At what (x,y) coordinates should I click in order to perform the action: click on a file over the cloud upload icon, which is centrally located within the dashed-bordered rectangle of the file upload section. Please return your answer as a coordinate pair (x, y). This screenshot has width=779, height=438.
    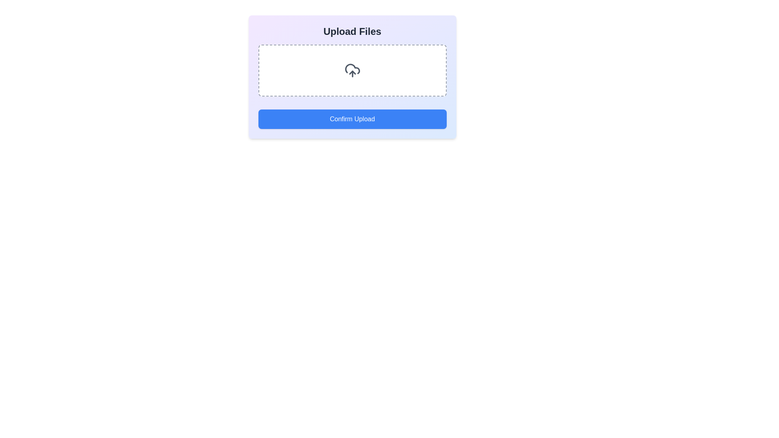
    Looking at the image, I should click on (352, 70).